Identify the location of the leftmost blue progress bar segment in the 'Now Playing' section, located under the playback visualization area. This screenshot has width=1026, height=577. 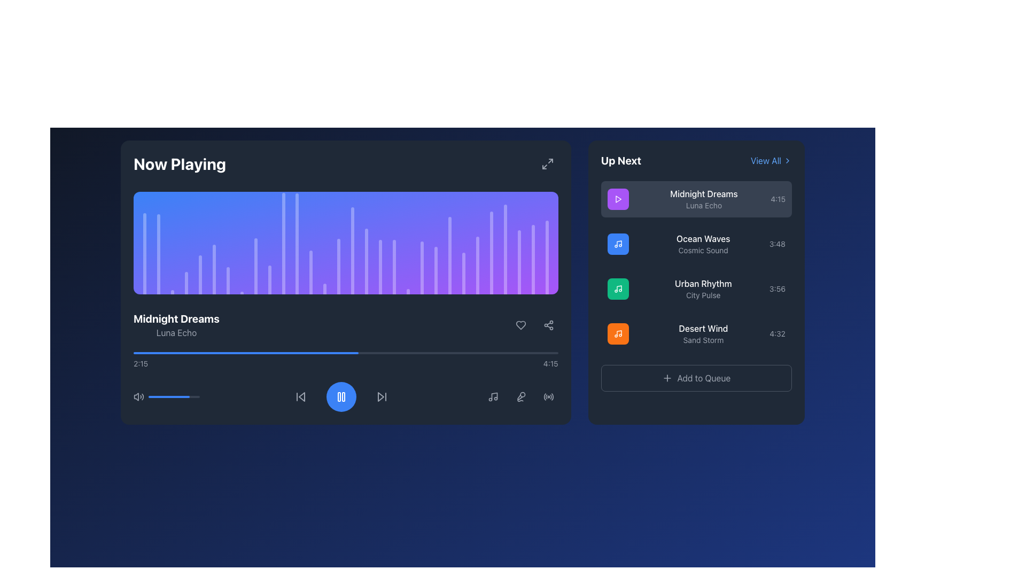
(245, 353).